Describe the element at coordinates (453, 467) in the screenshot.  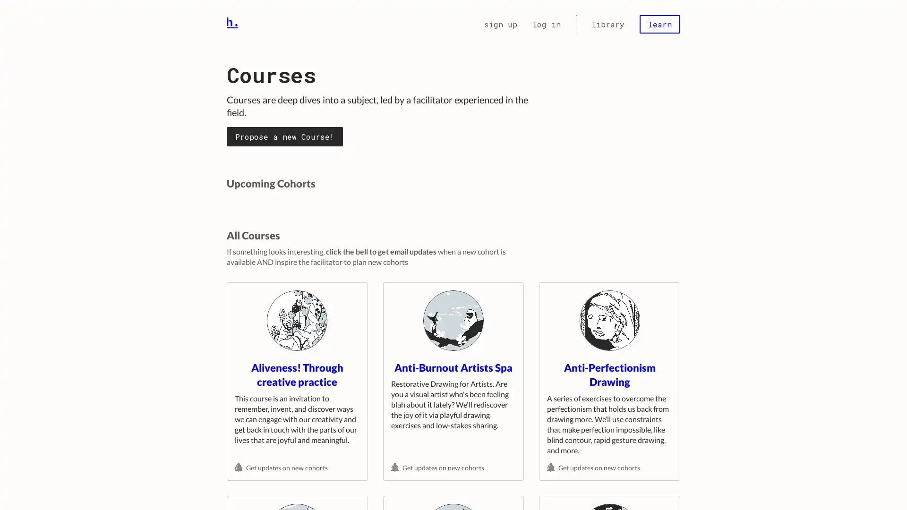
I see `Get updates on new cohorts` at that location.